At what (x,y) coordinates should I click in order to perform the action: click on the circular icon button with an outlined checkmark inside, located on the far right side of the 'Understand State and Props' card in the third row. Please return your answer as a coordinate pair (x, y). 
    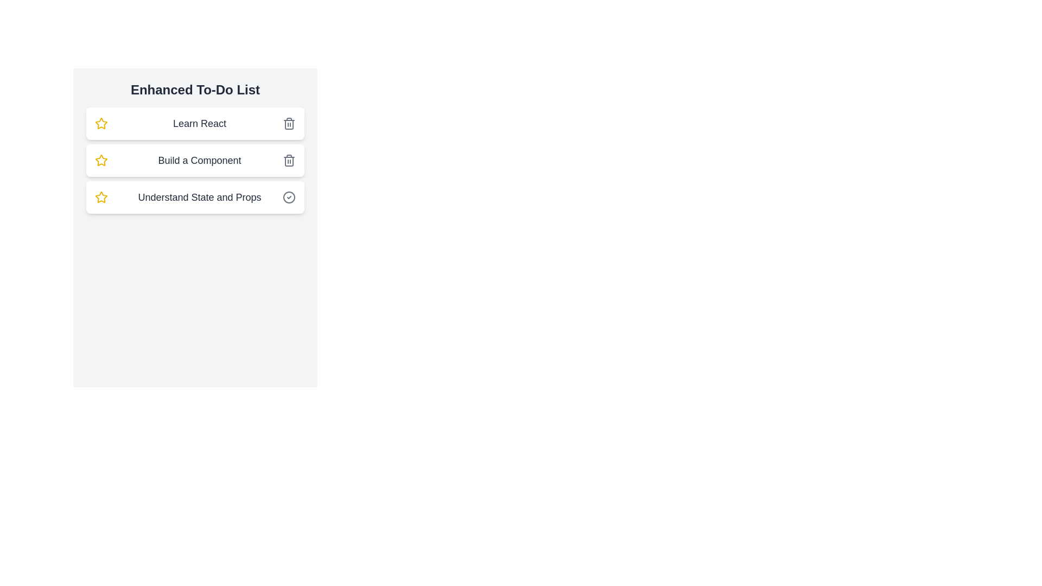
    Looking at the image, I should click on (289, 197).